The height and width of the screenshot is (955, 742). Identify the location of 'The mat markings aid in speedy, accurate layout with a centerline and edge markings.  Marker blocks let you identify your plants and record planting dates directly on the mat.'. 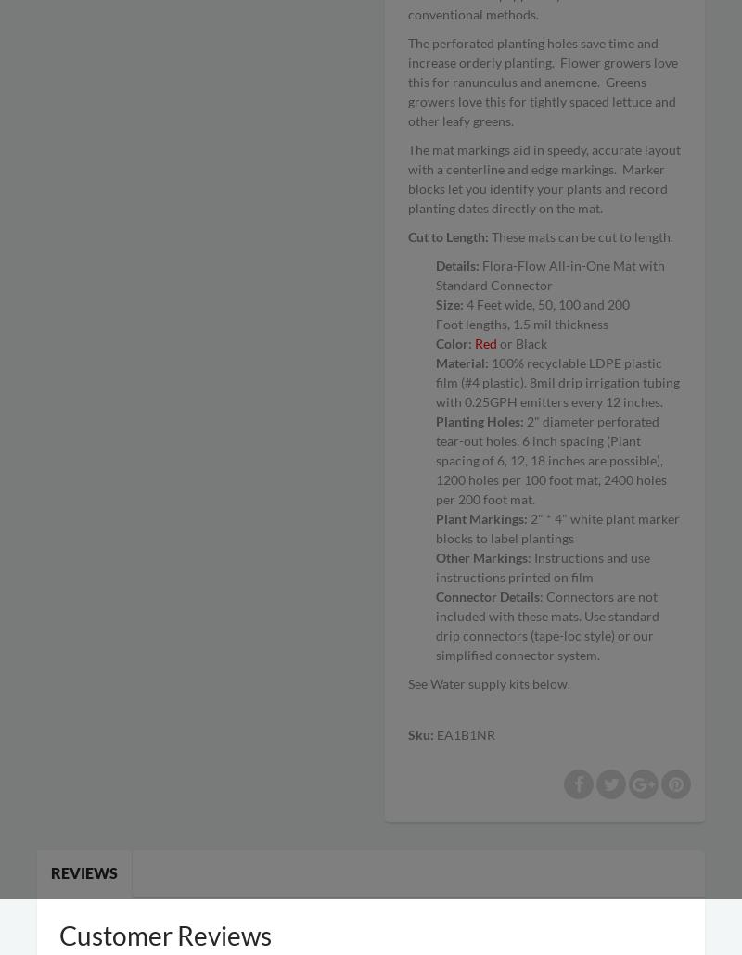
(407, 179).